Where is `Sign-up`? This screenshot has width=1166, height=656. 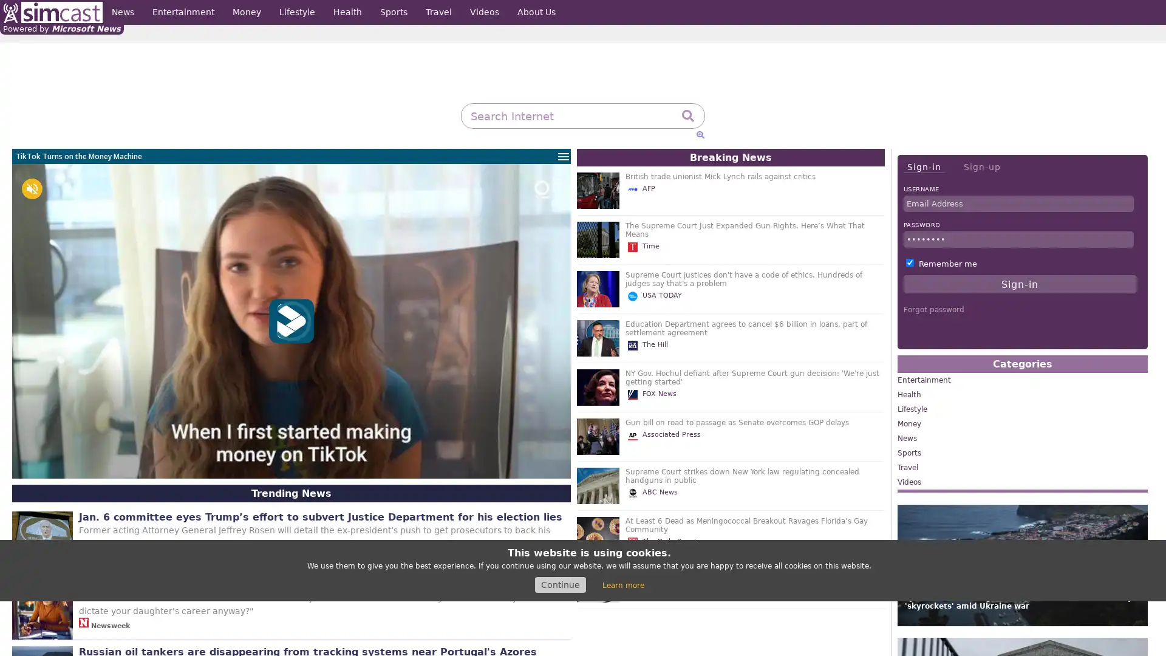 Sign-up is located at coordinates (981, 166).